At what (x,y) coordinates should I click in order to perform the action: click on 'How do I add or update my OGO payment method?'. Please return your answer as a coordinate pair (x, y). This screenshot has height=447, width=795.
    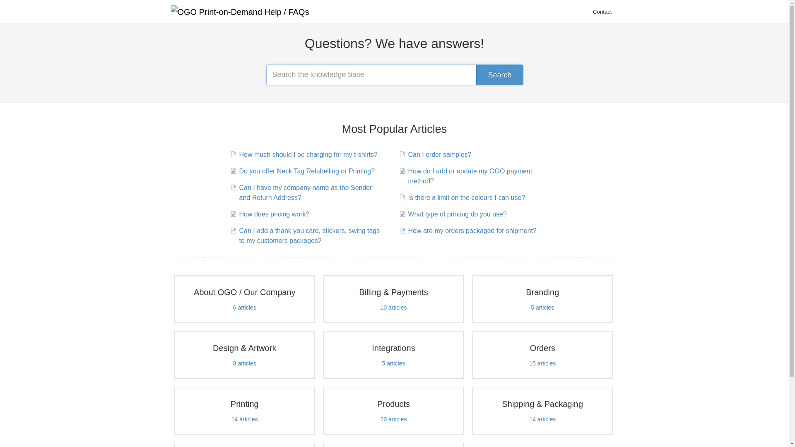
    Looking at the image, I should click on (479, 175).